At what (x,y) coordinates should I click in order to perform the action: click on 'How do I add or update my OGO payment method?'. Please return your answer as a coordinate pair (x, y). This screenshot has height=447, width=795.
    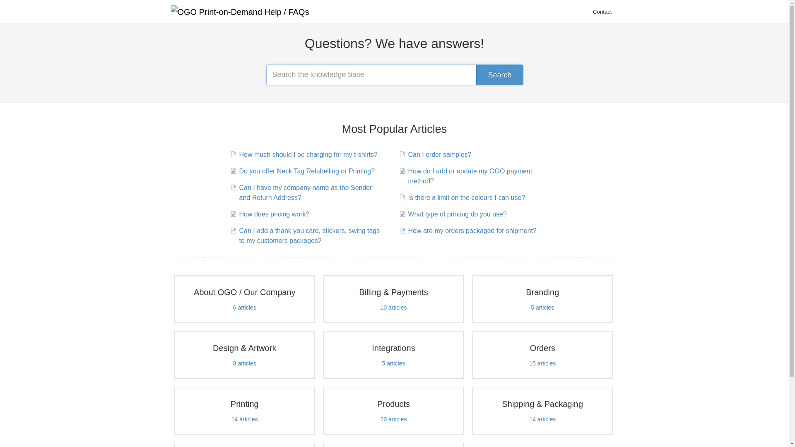
    Looking at the image, I should click on (479, 175).